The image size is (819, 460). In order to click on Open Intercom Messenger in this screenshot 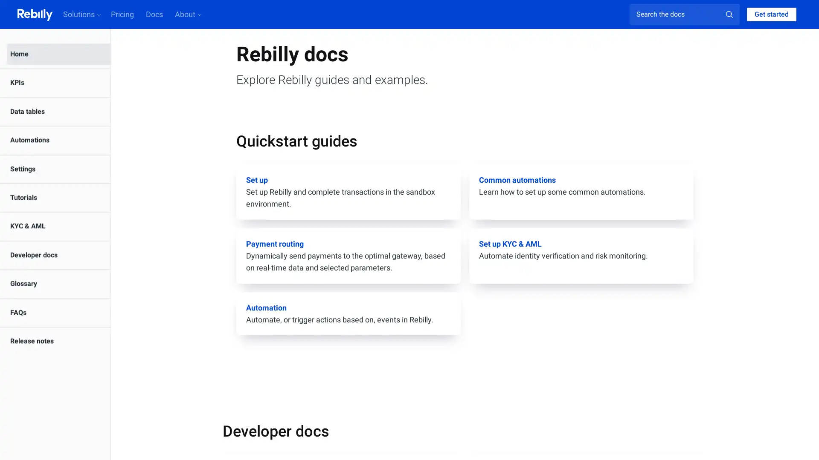, I will do `click(797, 438)`.